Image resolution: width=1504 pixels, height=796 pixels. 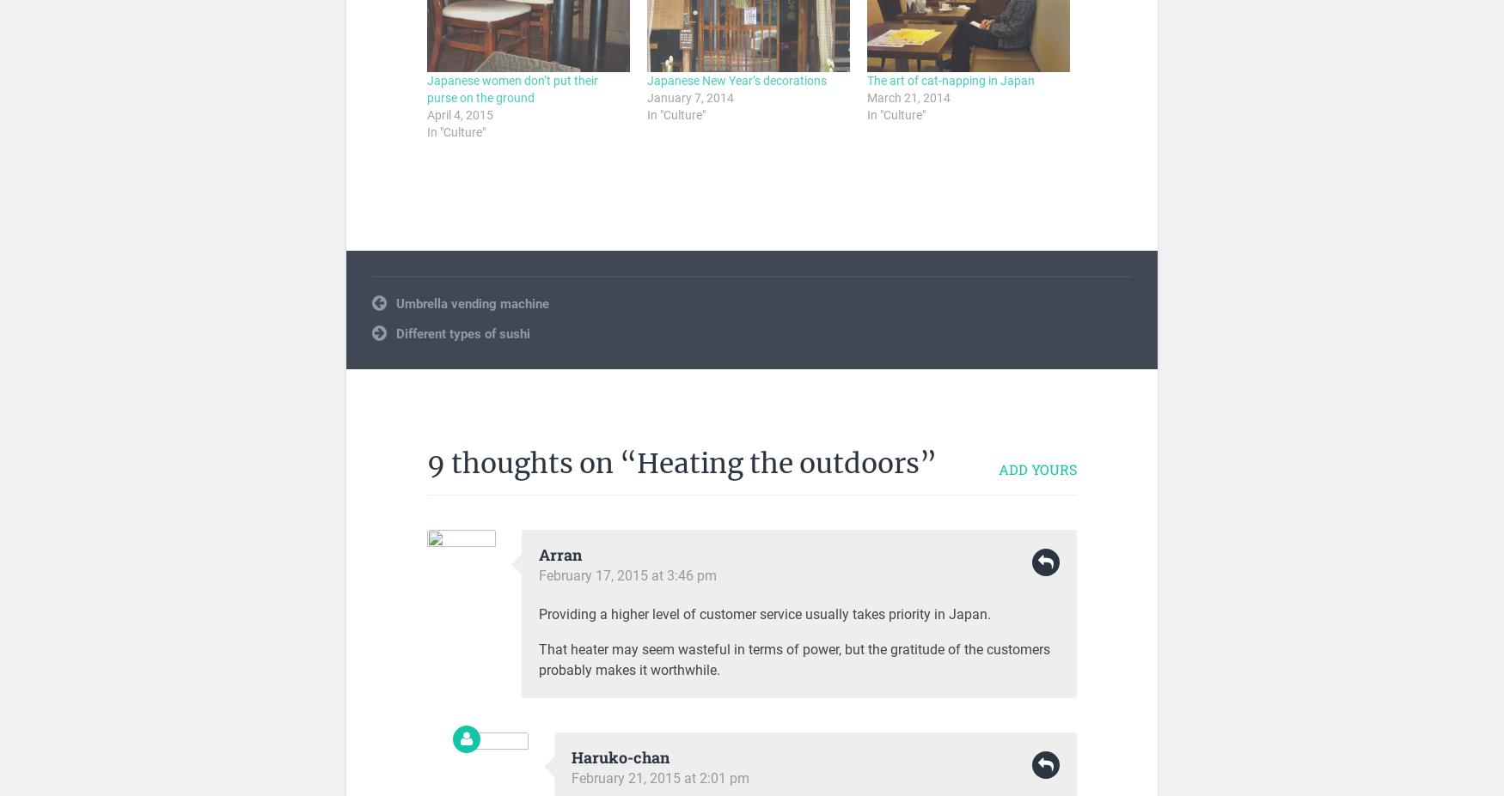 I want to click on 'Different types of sushi', so click(x=462, y=332).